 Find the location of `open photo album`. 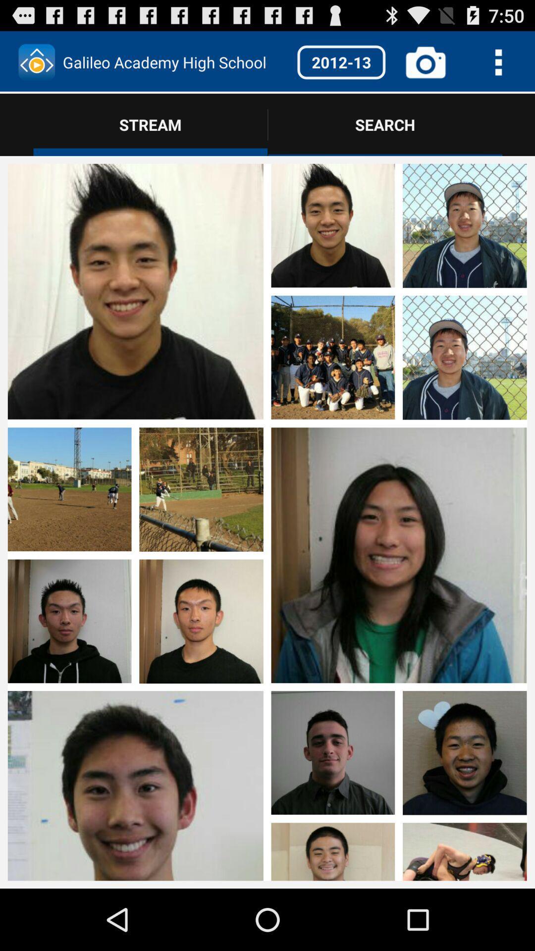

open photo album is located at coordinates (398, 292).